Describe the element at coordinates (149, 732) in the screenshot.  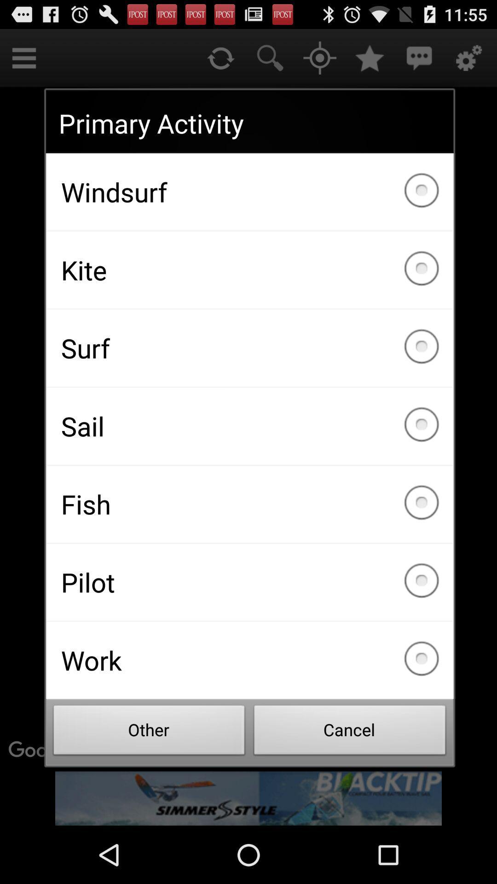
I see `the item at the bottom left corner` at that location.